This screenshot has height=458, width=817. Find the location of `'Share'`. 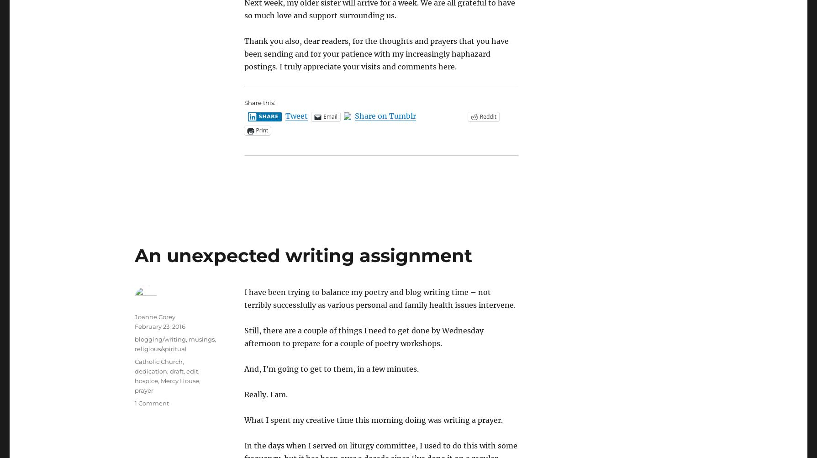

'Share' is located at coordinates (268, 116).